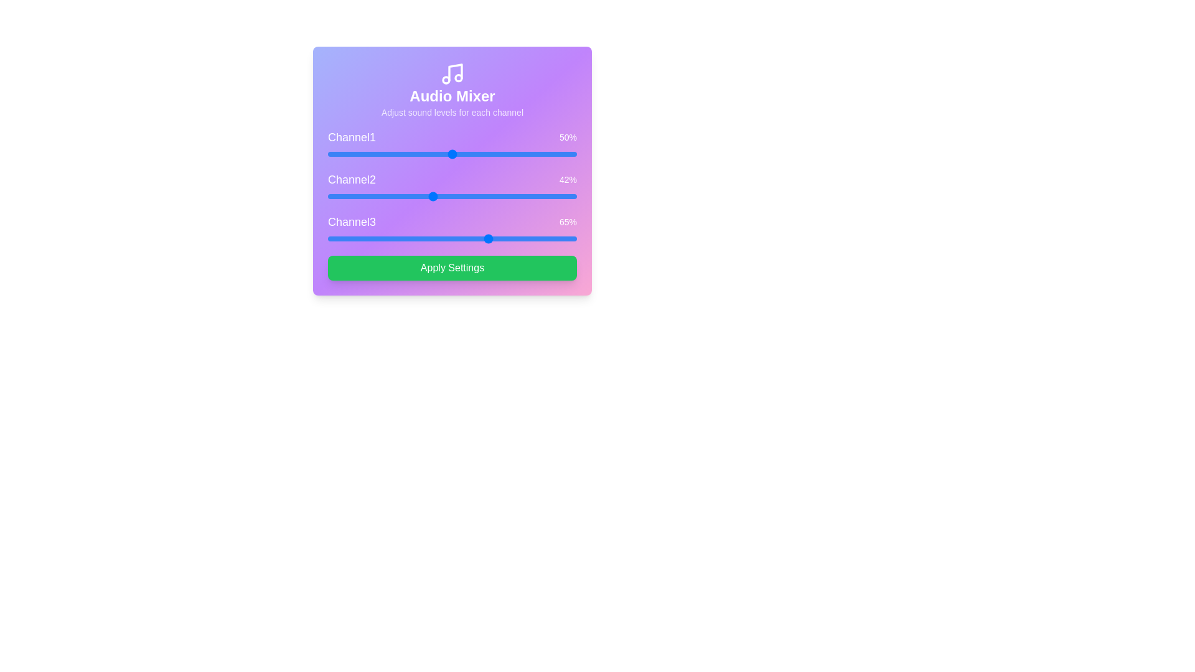  What do you see at coordinates (449, 196) in the screenshot?
I see `the volume of 2 to 49%` at bounding box center [449, 196].